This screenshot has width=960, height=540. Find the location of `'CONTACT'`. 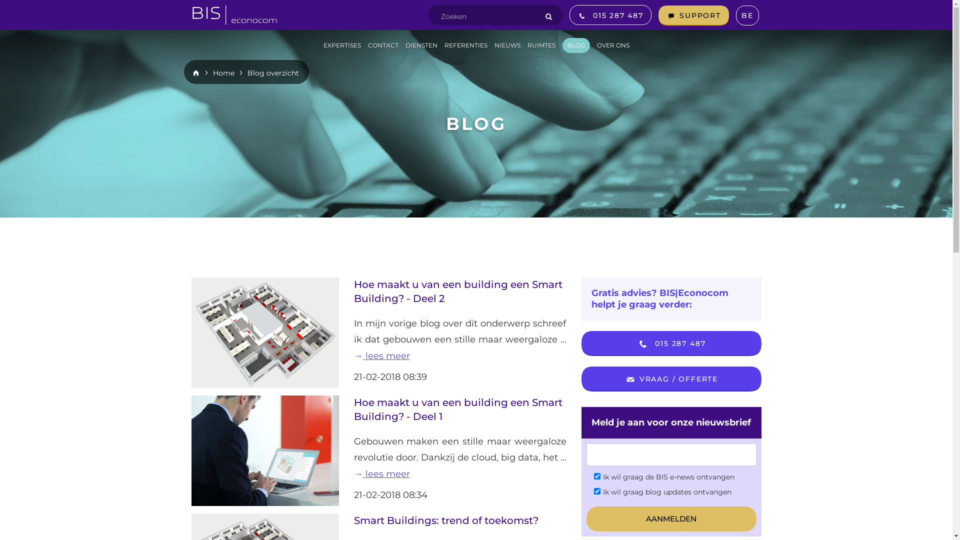

'CONTACT' is located at coordinates (382, 45).